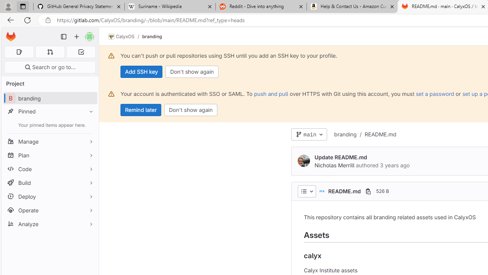 The image size is (488, 275). I want to click on 'Class: s16 gl-alert-icon gl-alert-icon-no-title', so click(111, 94).